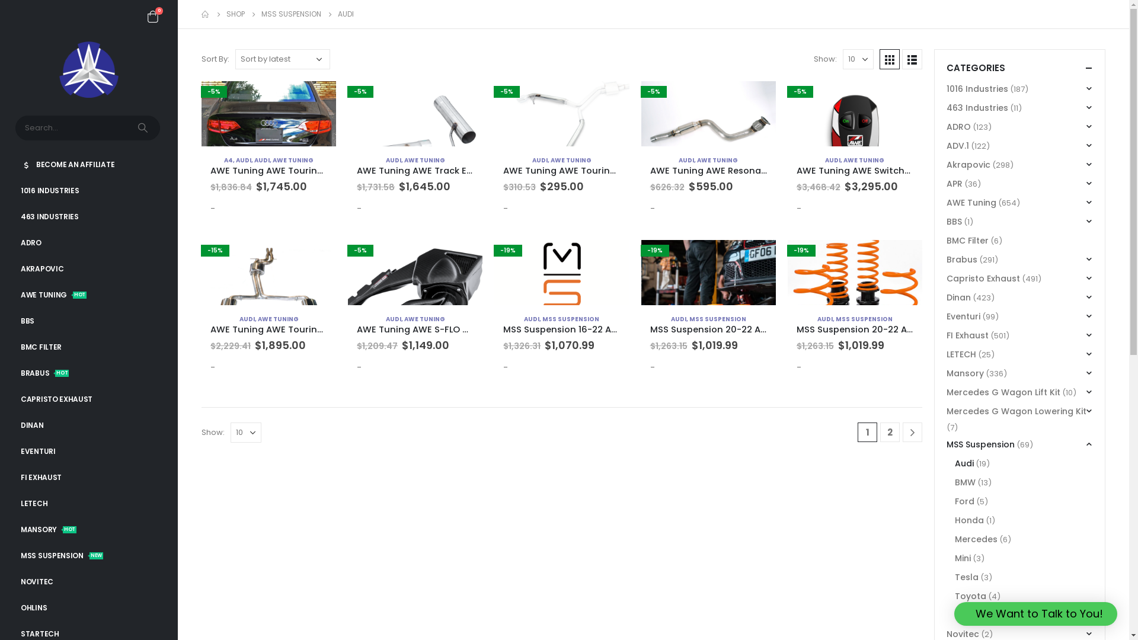 The height and width of the screenshot is (640, 1138). I want to click on 'Mini', so click(955, 558).